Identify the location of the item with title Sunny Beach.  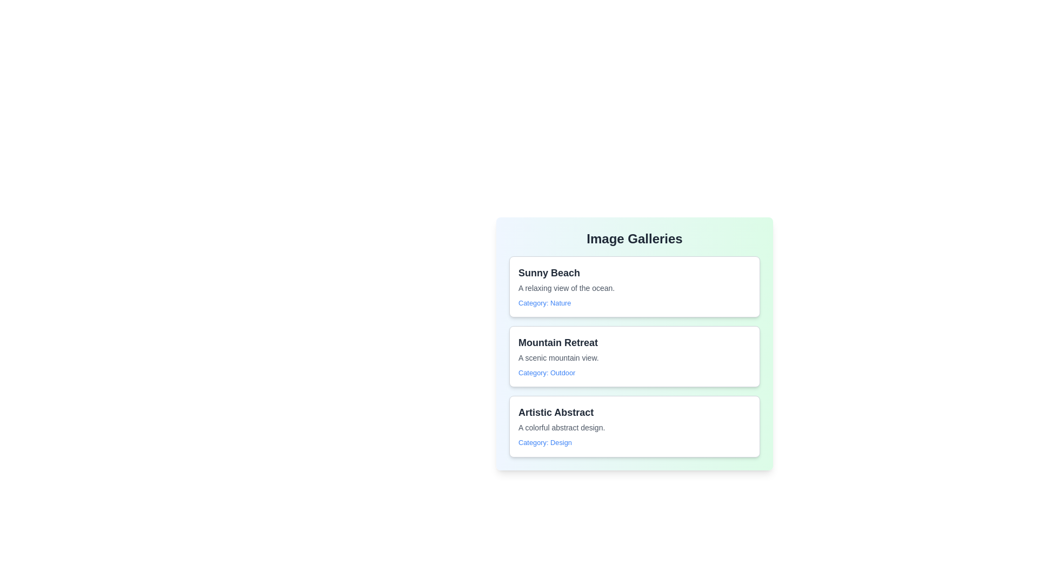
(635, 286).